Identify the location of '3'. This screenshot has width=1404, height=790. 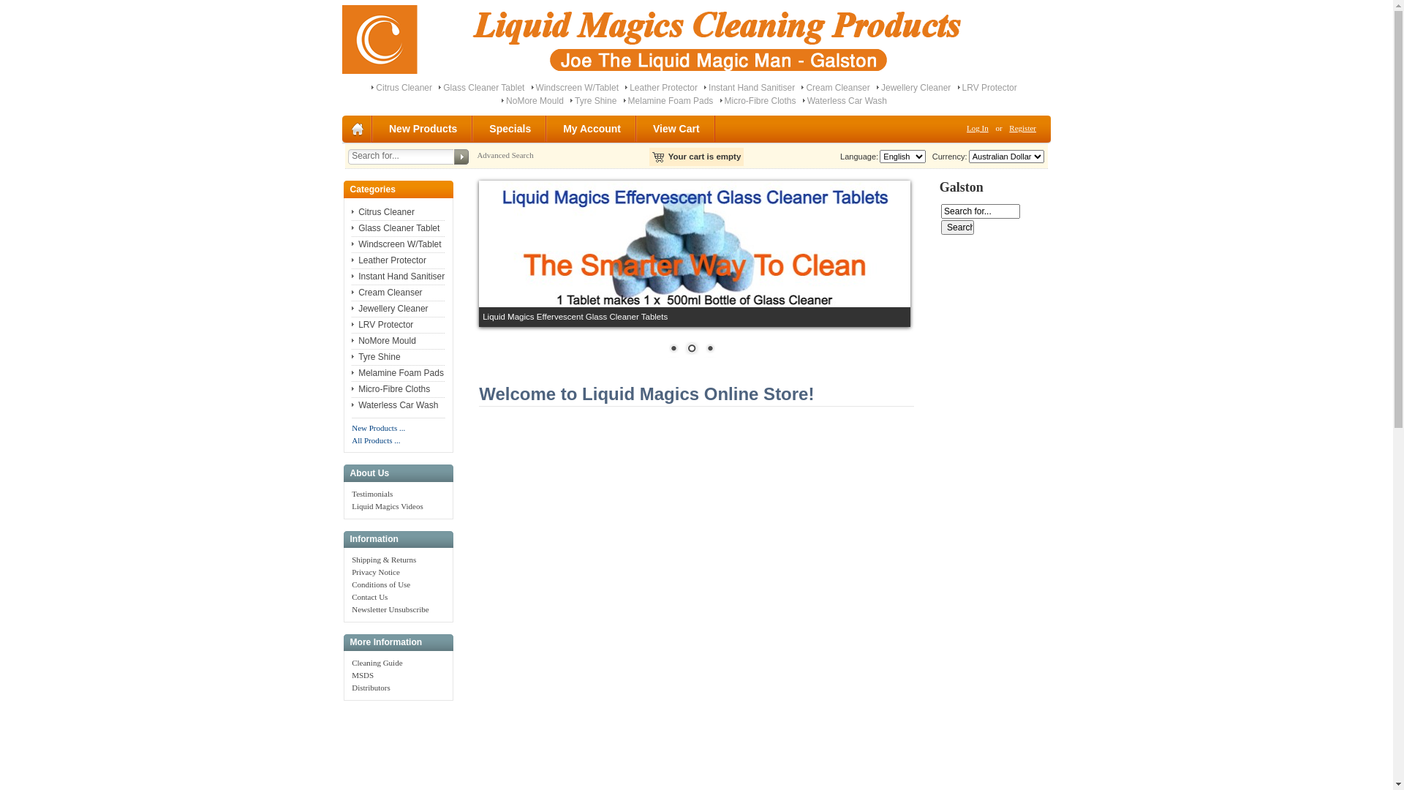
(702, 350).